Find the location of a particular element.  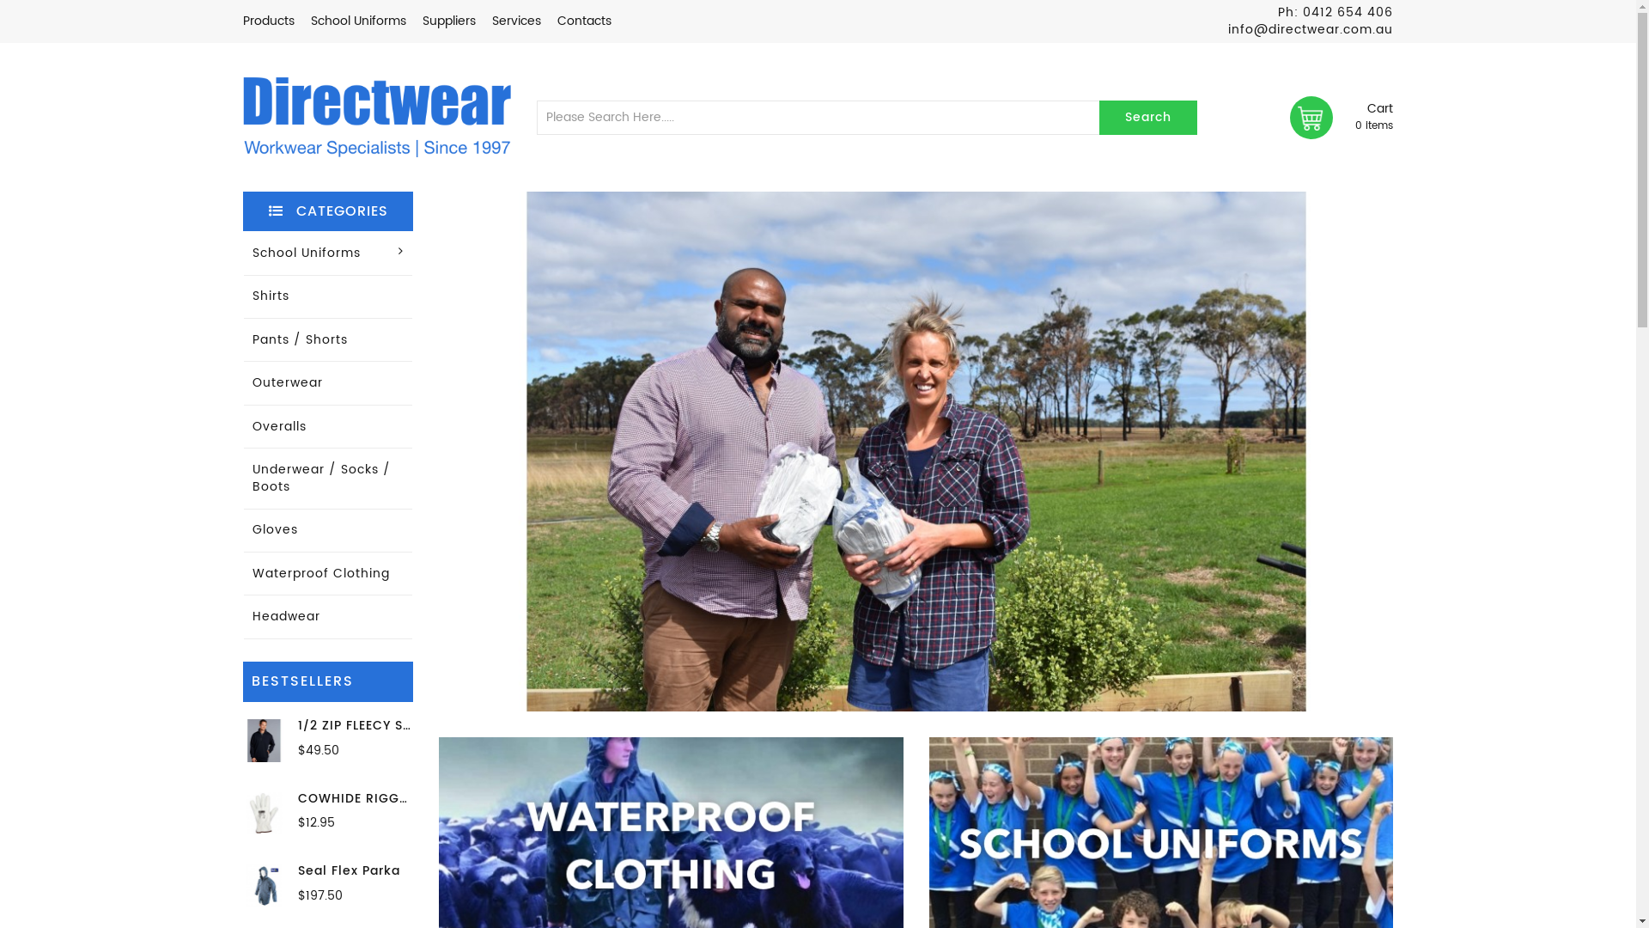

'Seal Flex Parka' is located at coordinates (263, 885).